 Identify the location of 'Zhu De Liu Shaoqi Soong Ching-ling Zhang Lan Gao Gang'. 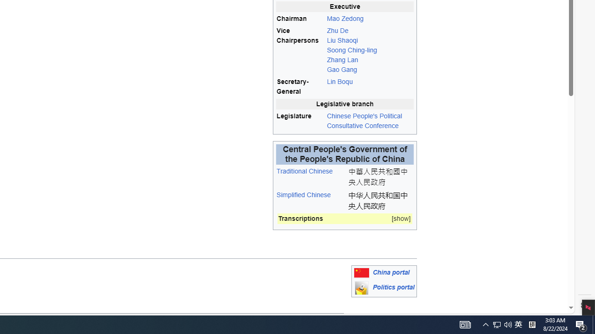
(370, 50).